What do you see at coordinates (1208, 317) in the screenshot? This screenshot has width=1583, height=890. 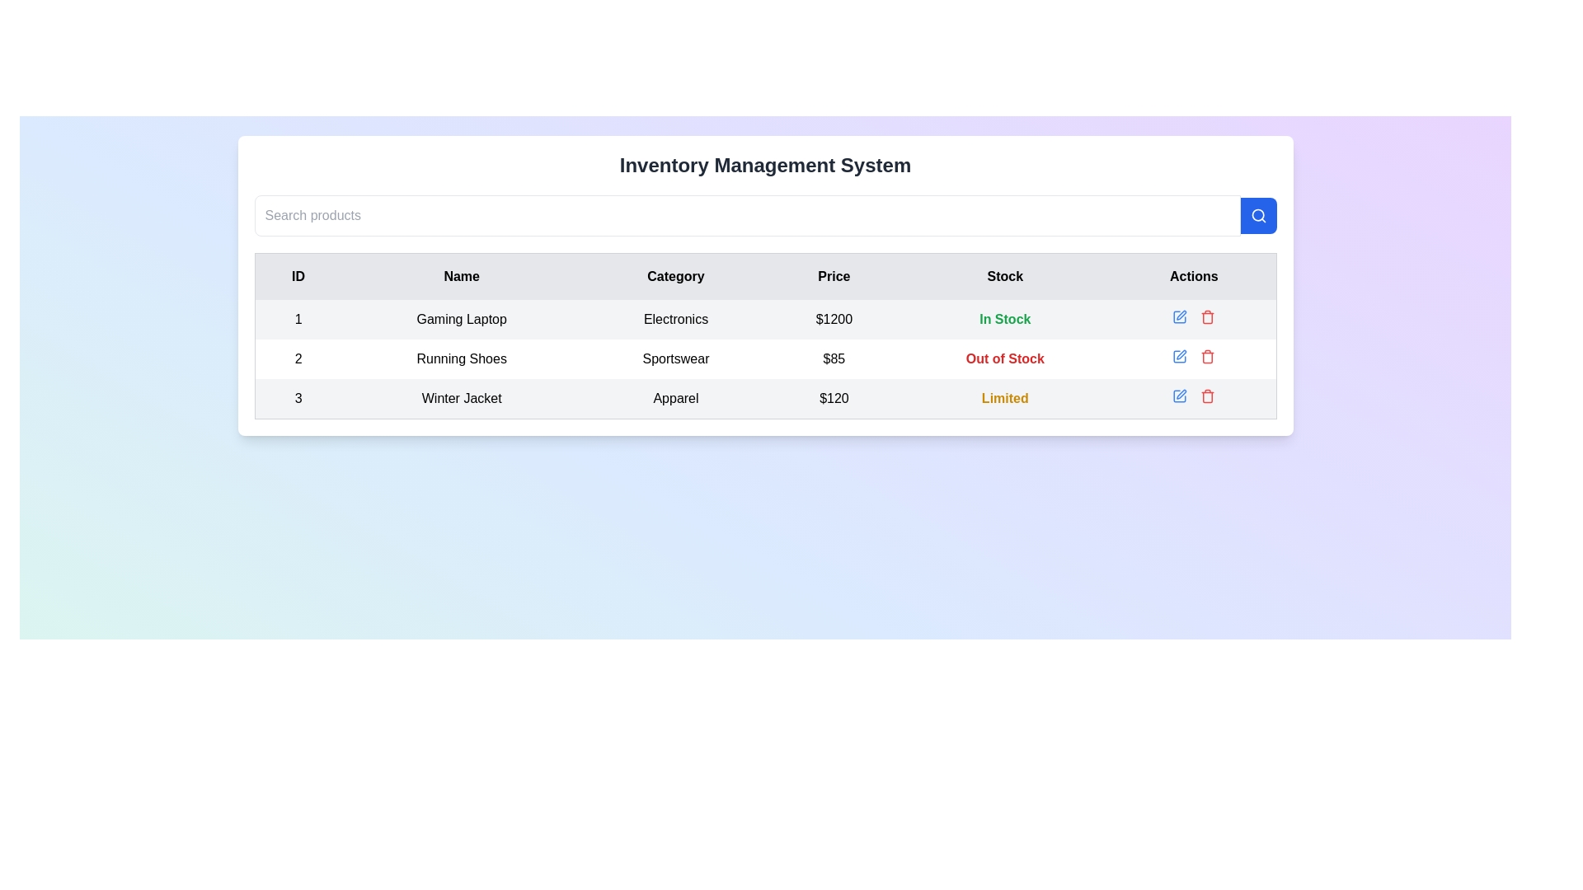 I see `the delete button located in the 'Actions' column of the table` at bounding box center [1208, 317].